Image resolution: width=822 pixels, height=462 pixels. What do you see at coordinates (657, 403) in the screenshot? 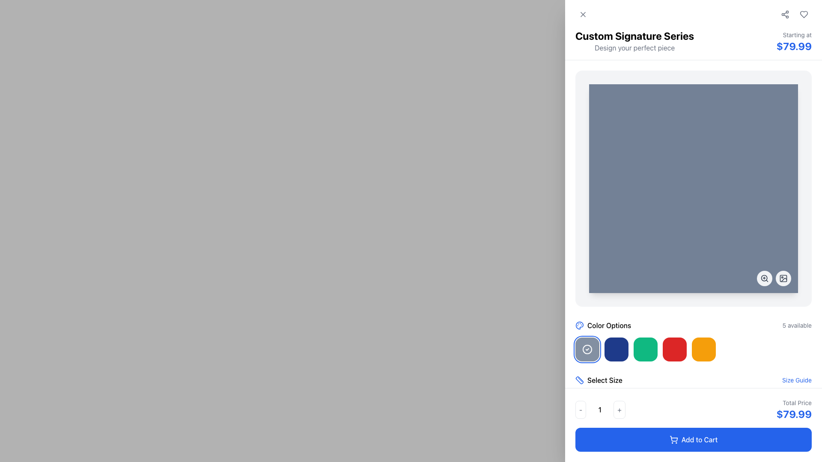
I see `the fourth size selection button labeled 'L'` at bounding box center [657, 403].